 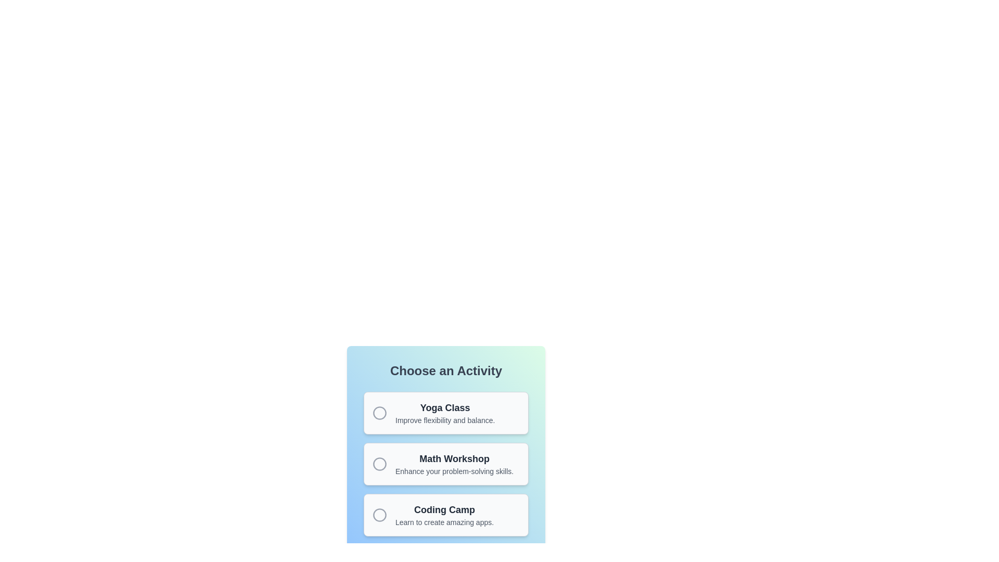 What do you see at coordinates (379, 515) in the screenshot?
I see `the radio button with a gray border and empty interior, which is the third item in the list labeled 'Coding Camp Learn to create amazing apps.'` at bounding box center [379, 515].